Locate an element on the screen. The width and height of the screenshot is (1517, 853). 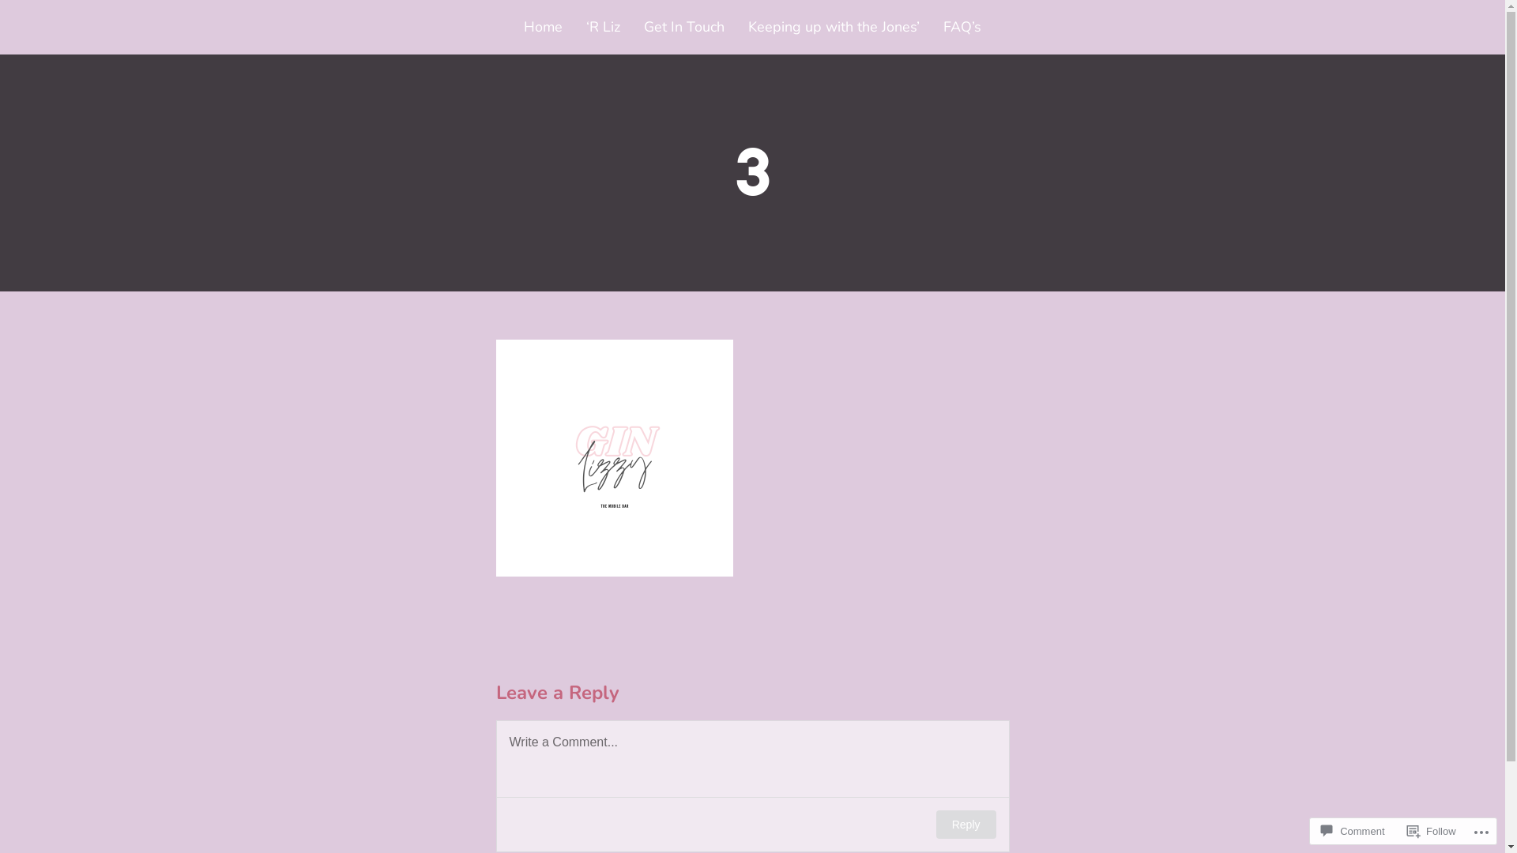
'Comment' is located at coordinates (1352, 830).